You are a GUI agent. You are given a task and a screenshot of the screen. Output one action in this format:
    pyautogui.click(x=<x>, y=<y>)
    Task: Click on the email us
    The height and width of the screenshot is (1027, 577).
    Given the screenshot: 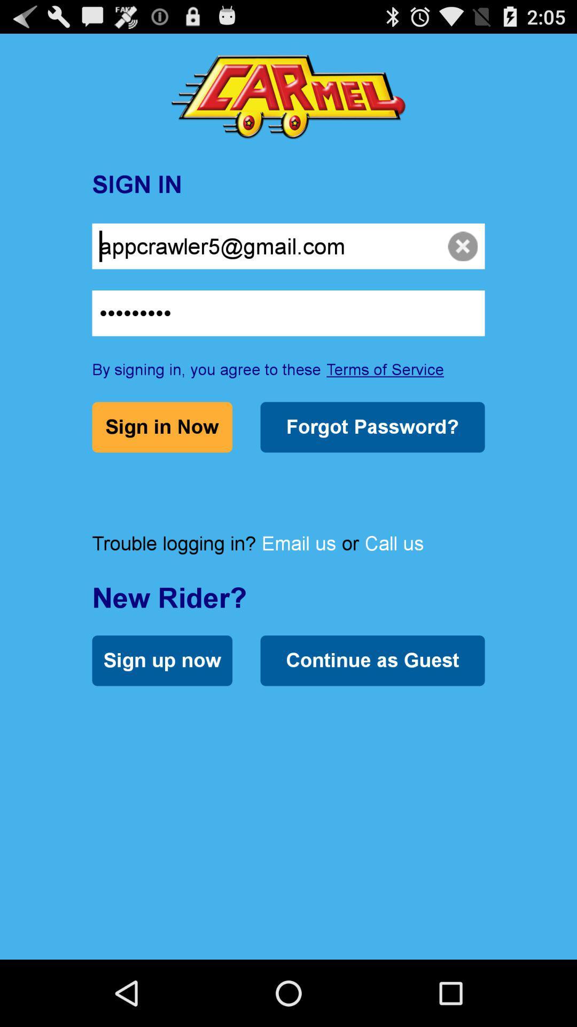 What is the action you would take?
    pyautogui.click(x=299, y=543)
    